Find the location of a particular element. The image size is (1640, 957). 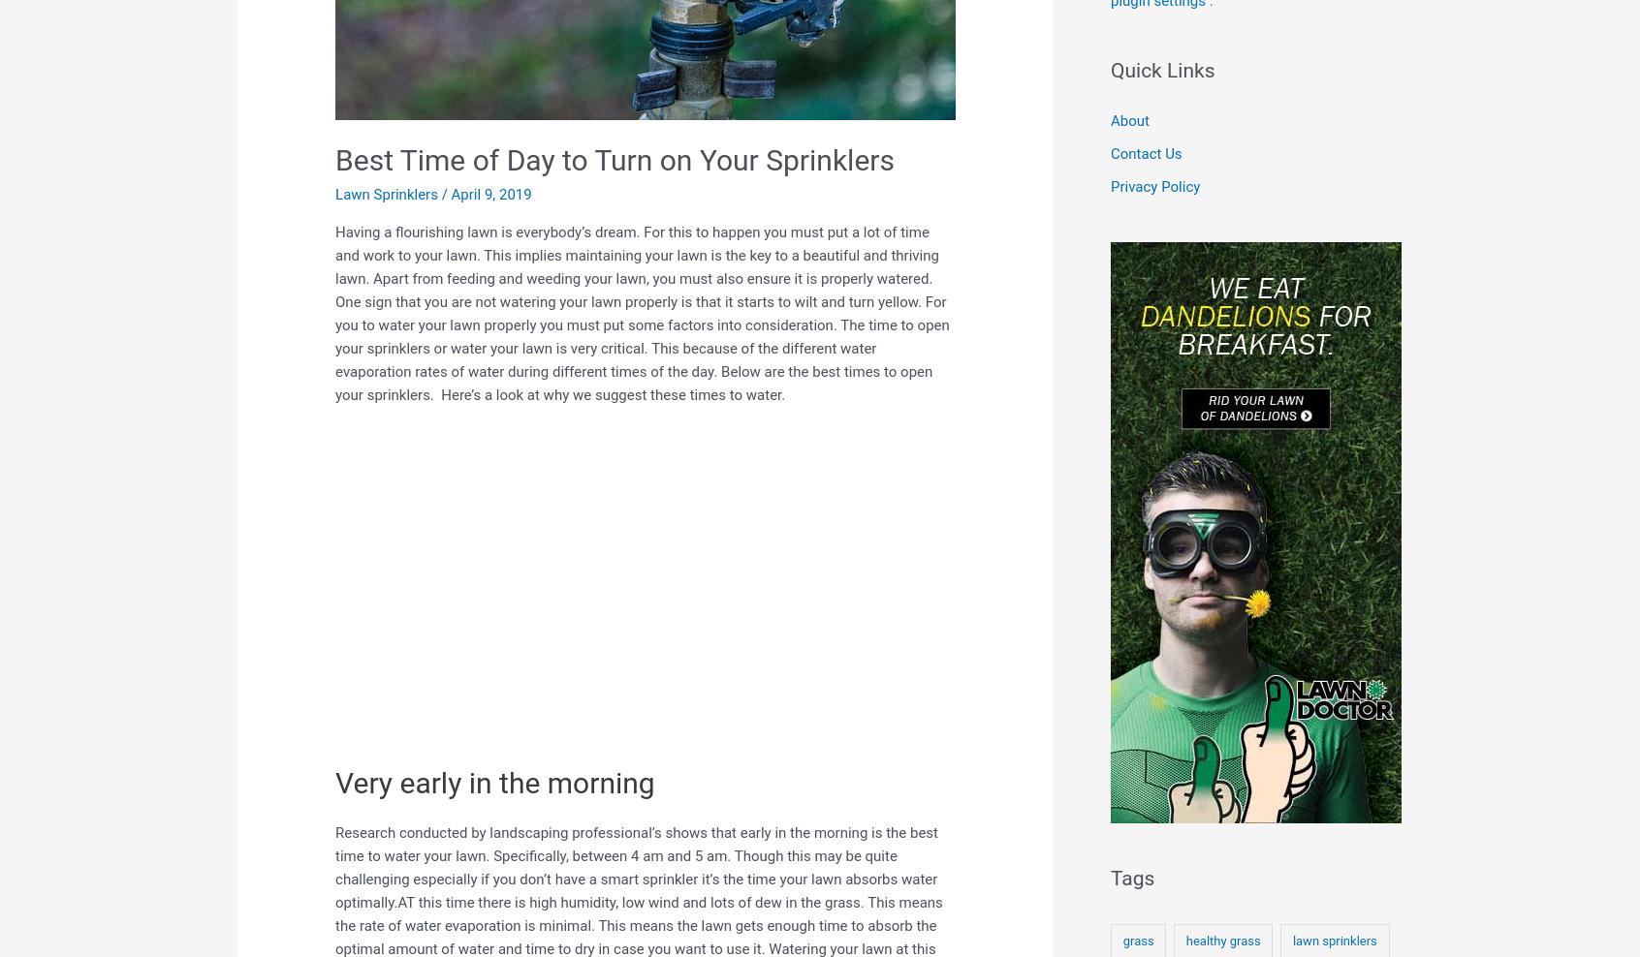

'Very early in the morning' is located at coordinates (494, 783).